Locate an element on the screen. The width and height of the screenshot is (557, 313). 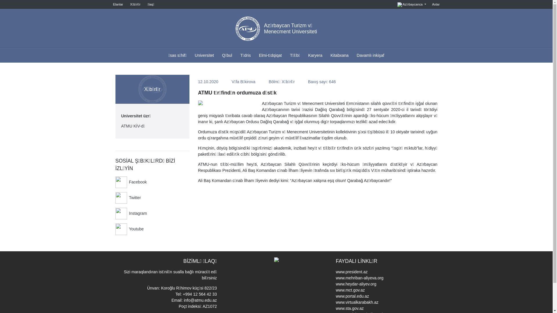
'Elanlar' is located at coordinates (118, 4).